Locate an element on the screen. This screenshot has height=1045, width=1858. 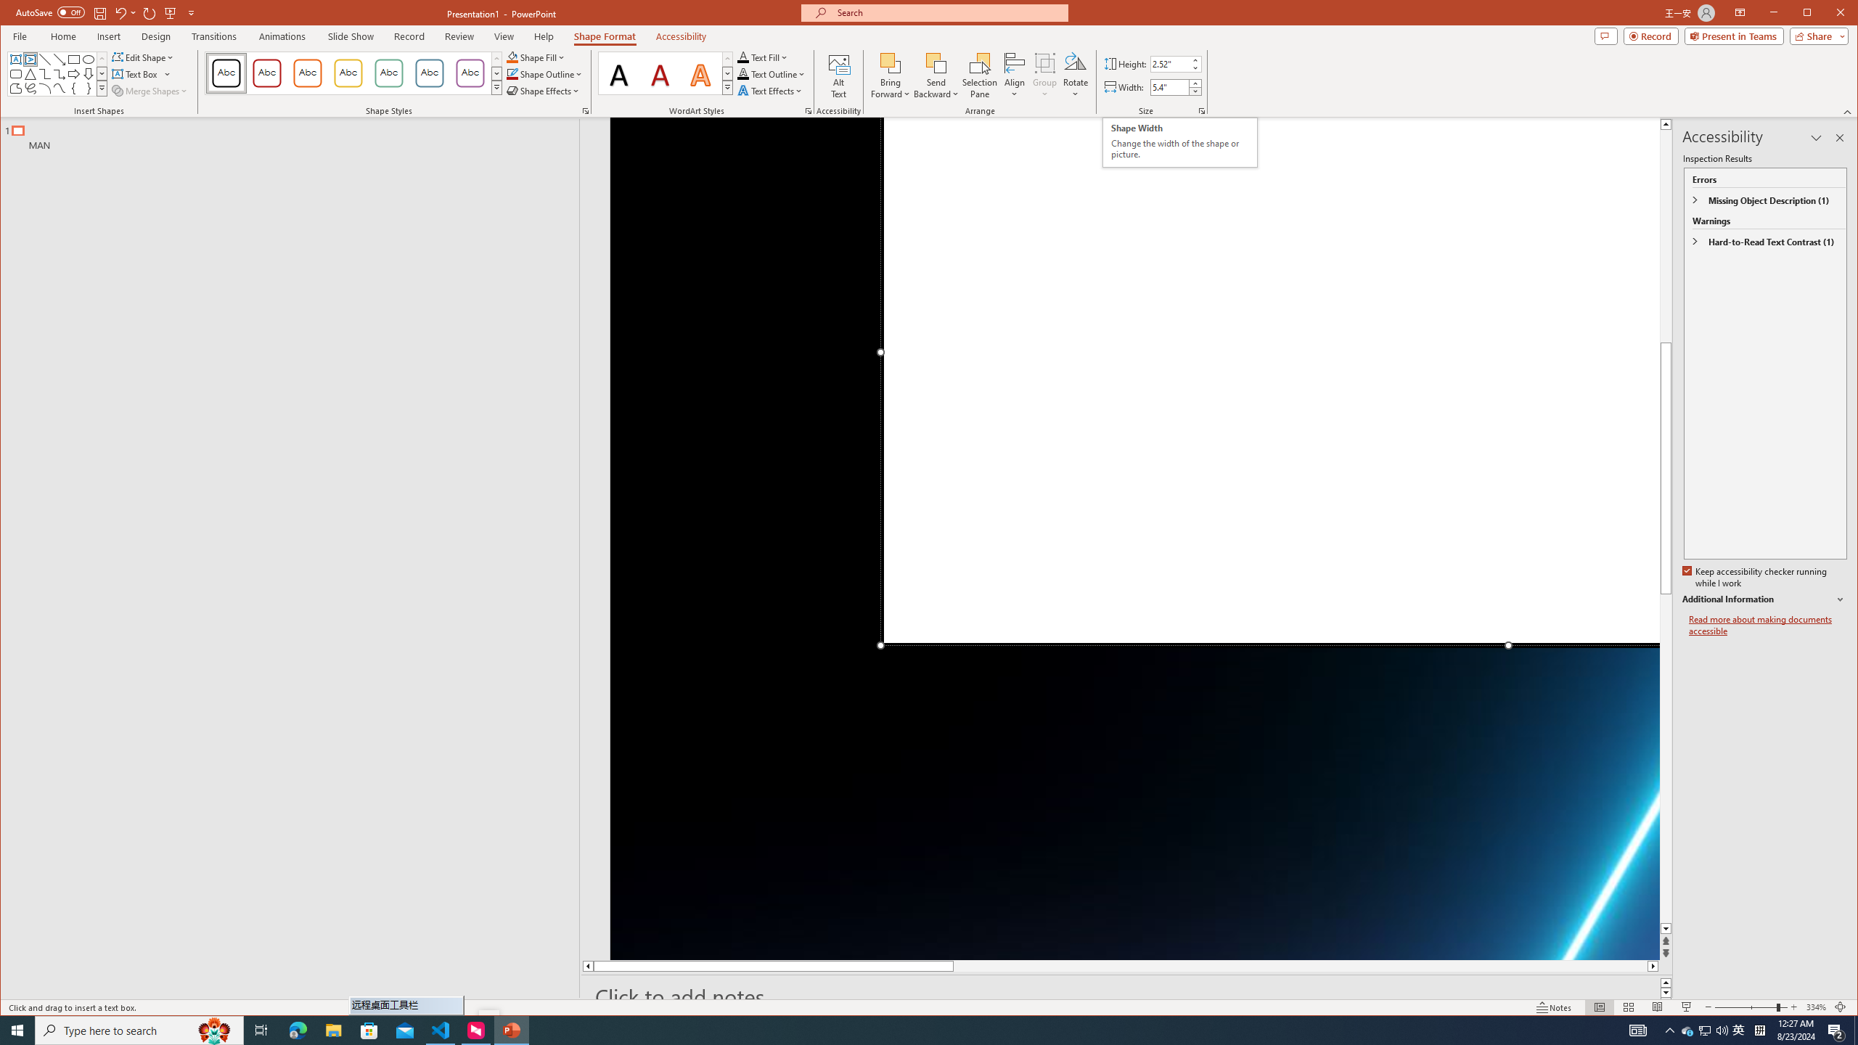
'Shape Width' is located at coordinates (1169, 86).